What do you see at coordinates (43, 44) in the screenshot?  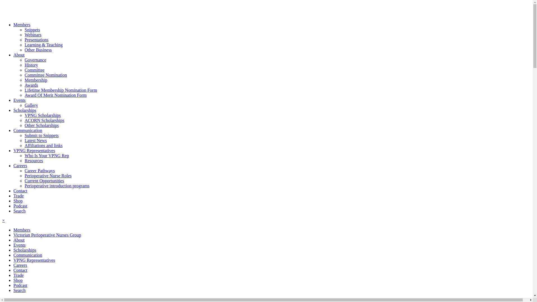 I see `'Learning & Teaching'` at bounding box center [43, 44].